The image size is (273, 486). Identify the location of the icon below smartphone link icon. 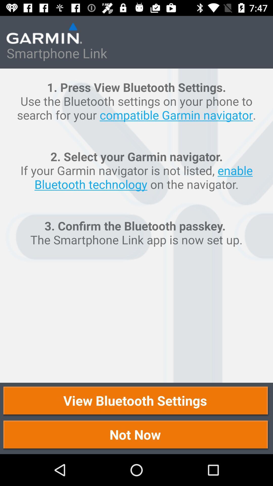
(136, 225).